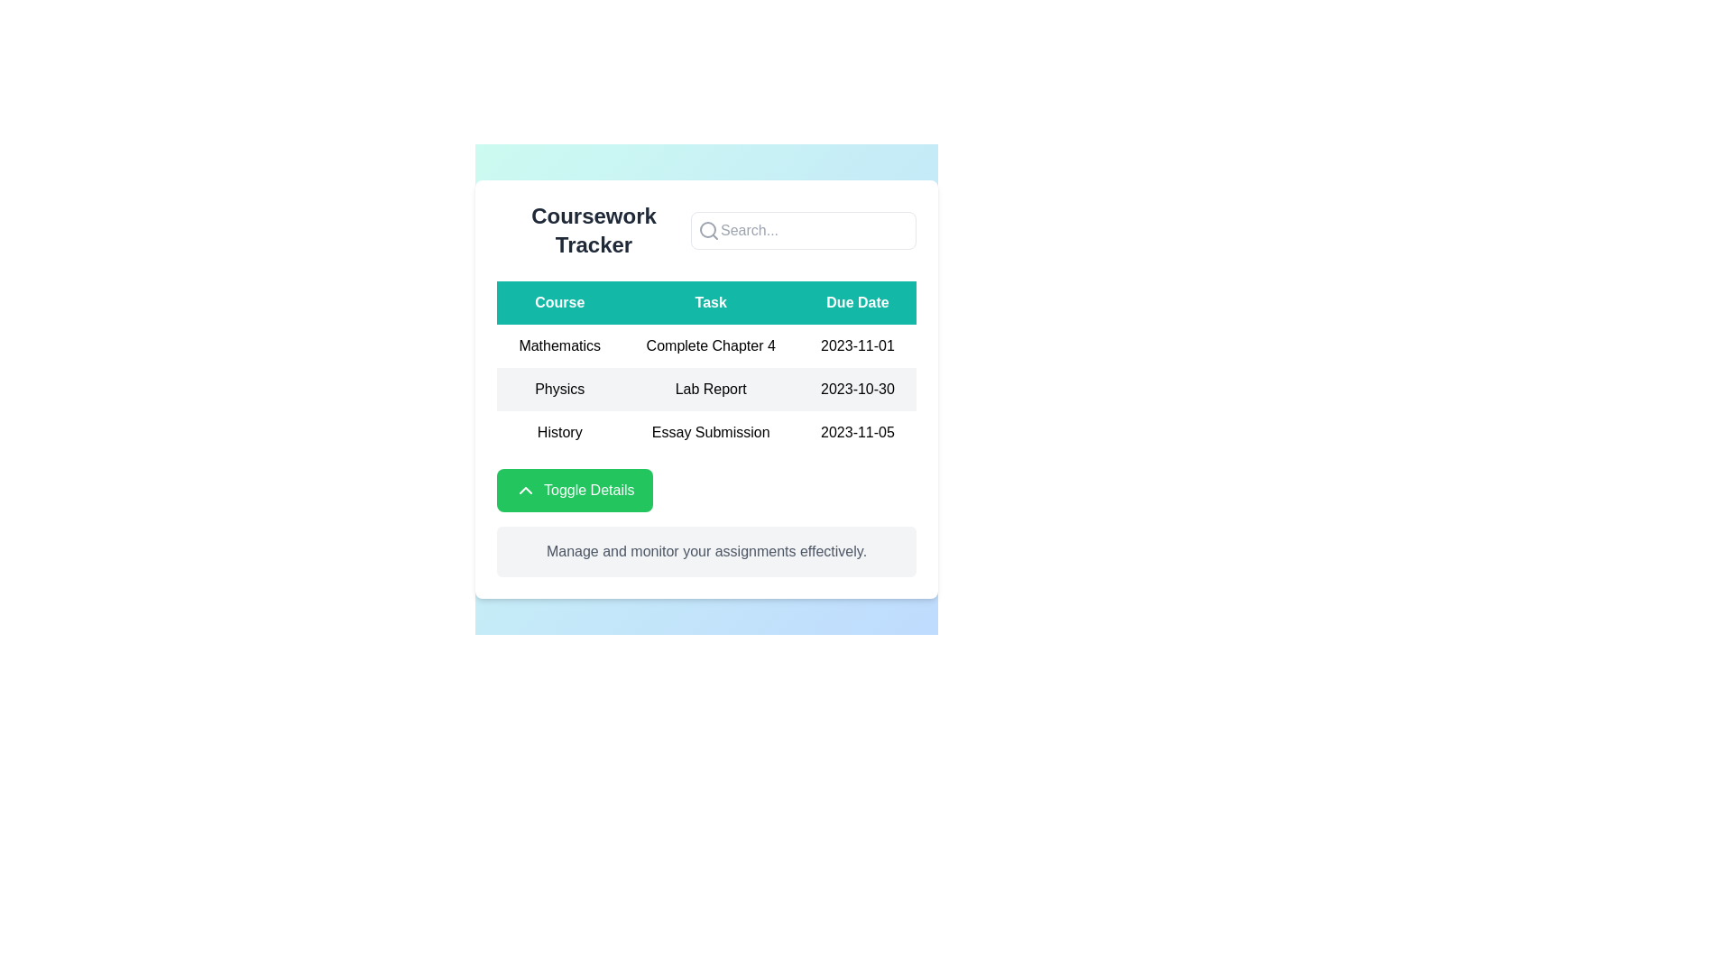 Image resolution: width=1732 pixels, height=974 pixels. What do you see at coordinates (558, 301) in the screenshot?
I see `the static text label 'Course', which is the first of three sibling elements with a teal background and bold white text` at bounding box center [558, 301].